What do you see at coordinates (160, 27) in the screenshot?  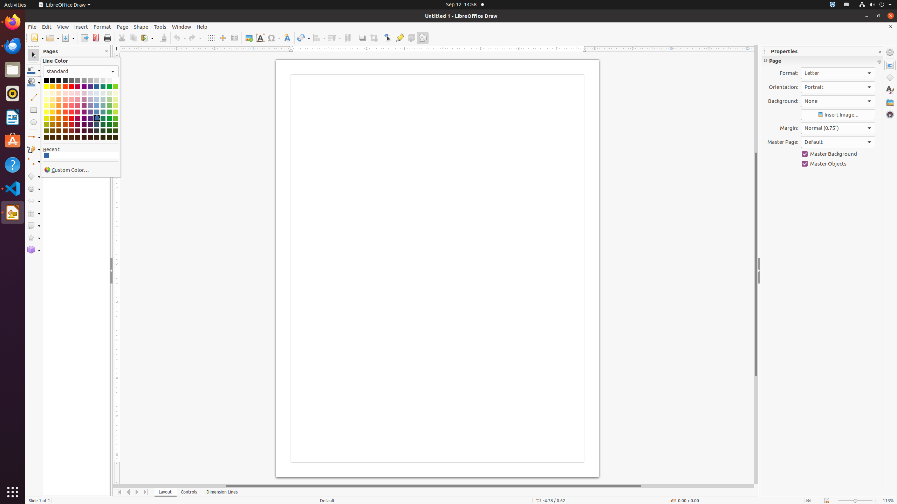 I see `'Tools'` at bounding box center [160, 27].